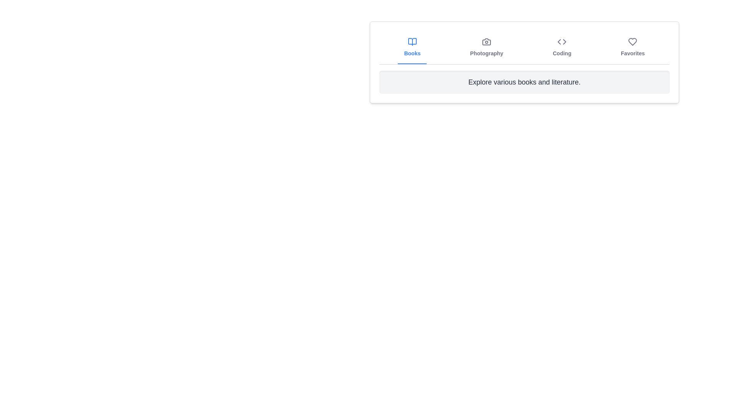  What do you see at coordinates (562, 41) in the screenshot?
I see `icon representing the code-related section, positioned as the third item from the left in the header bar, located above the 'Coding' label` at bounding box center [562, 41].